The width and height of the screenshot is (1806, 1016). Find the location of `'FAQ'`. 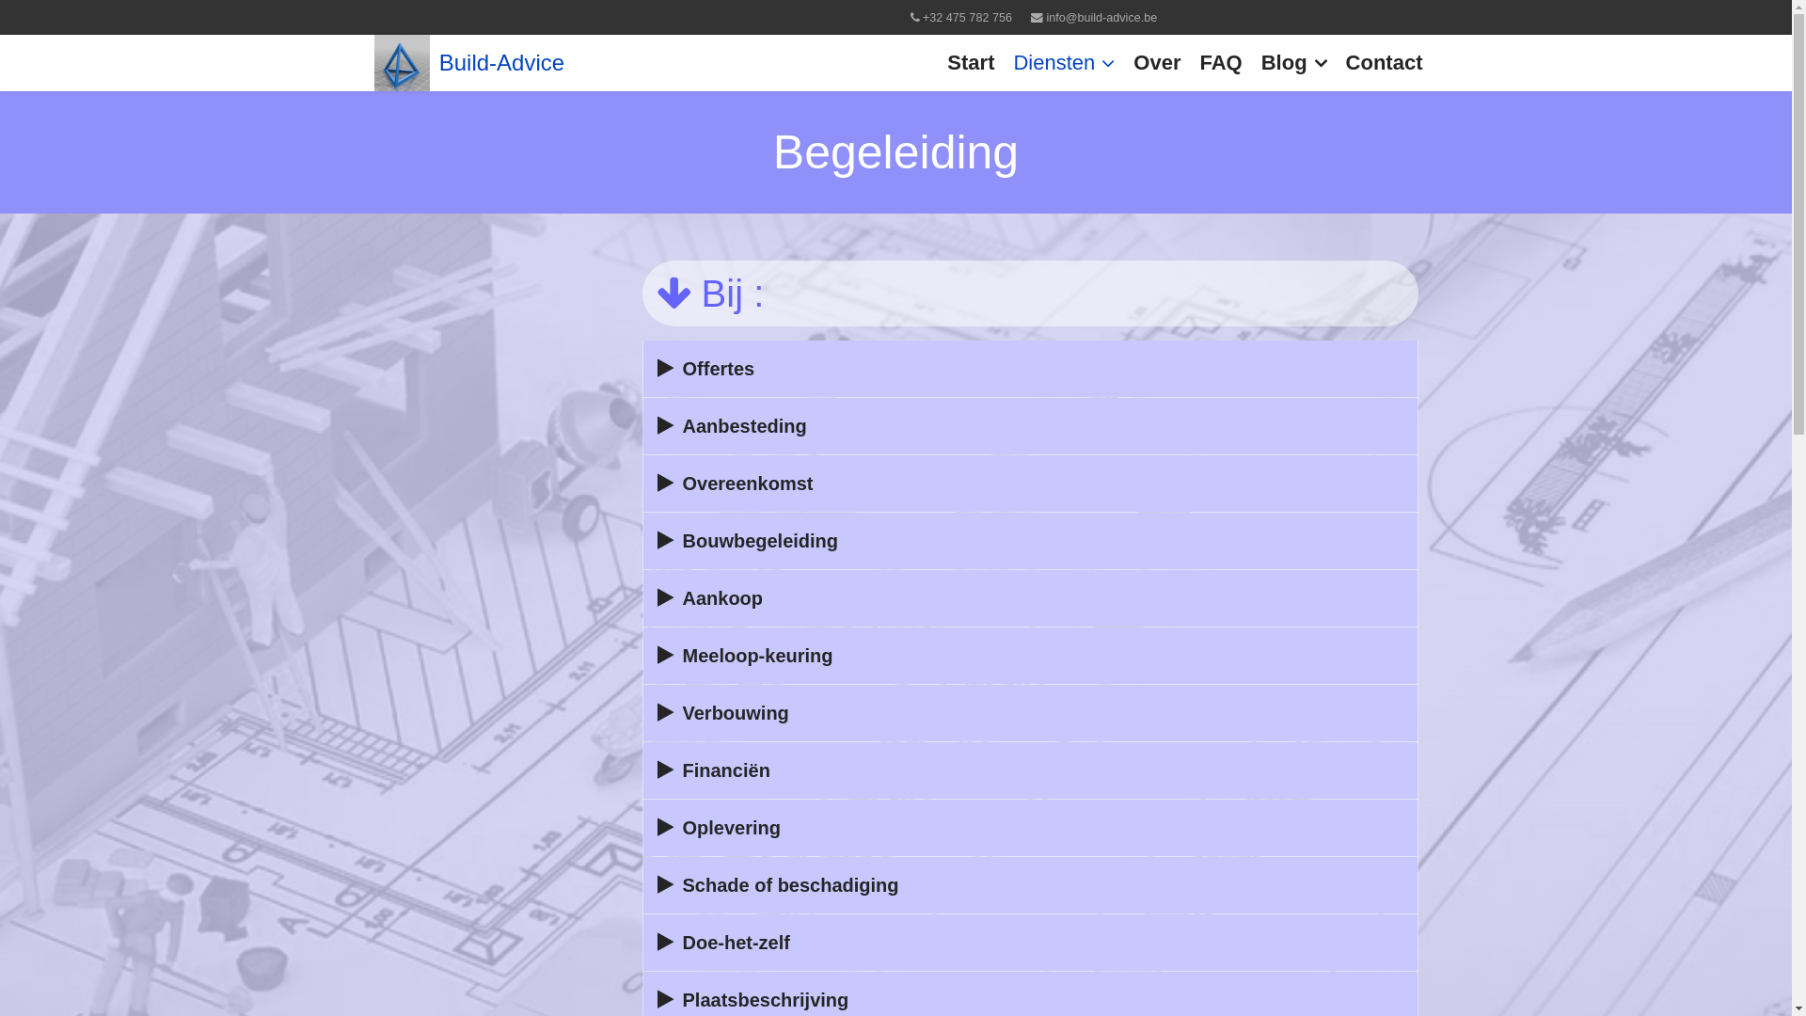

'FAQ' is located at coordinates (1220, 61).